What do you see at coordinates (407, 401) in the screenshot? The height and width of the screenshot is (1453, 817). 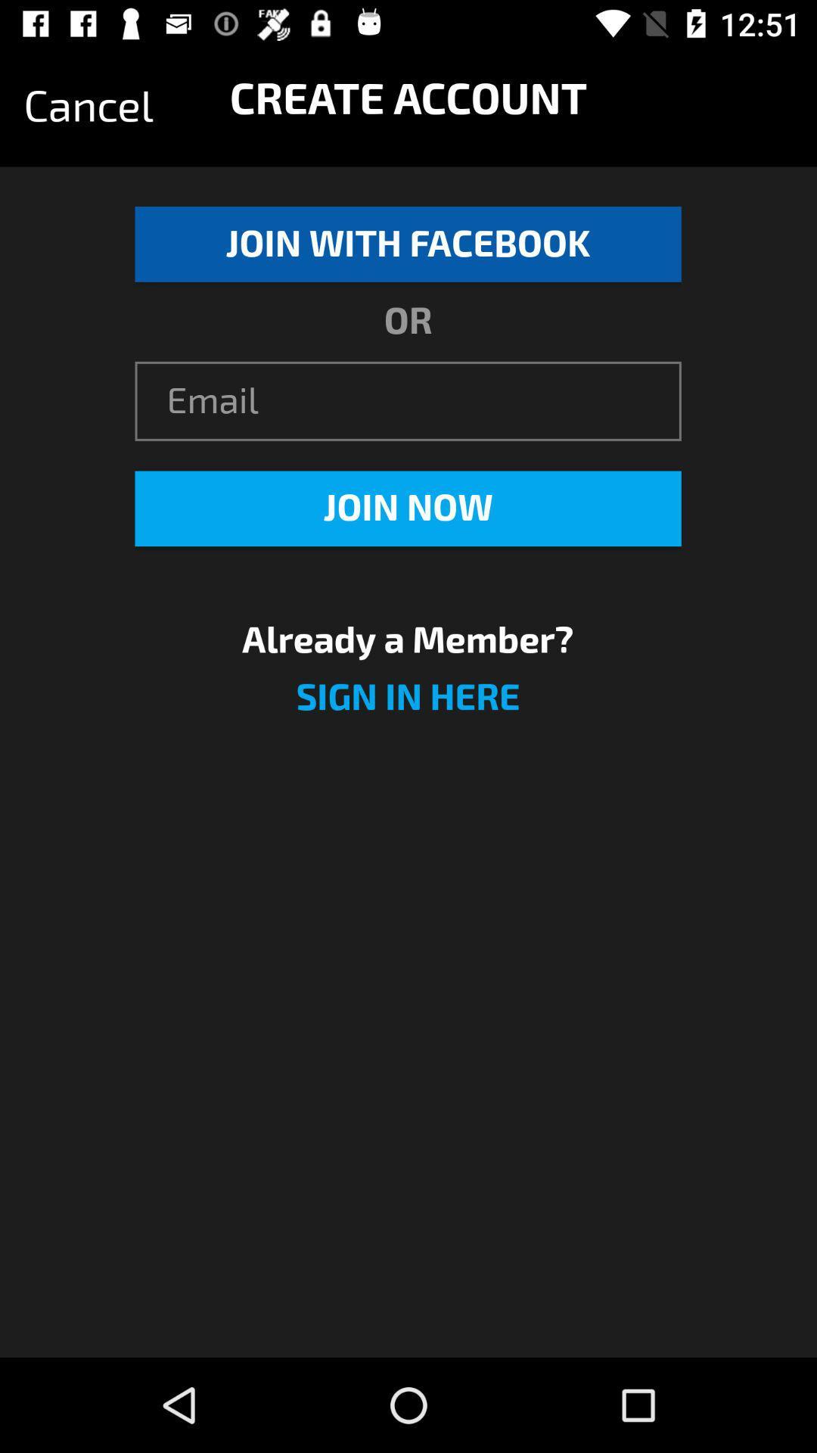 I see `the item above join now` at bounding box center [407, 401].